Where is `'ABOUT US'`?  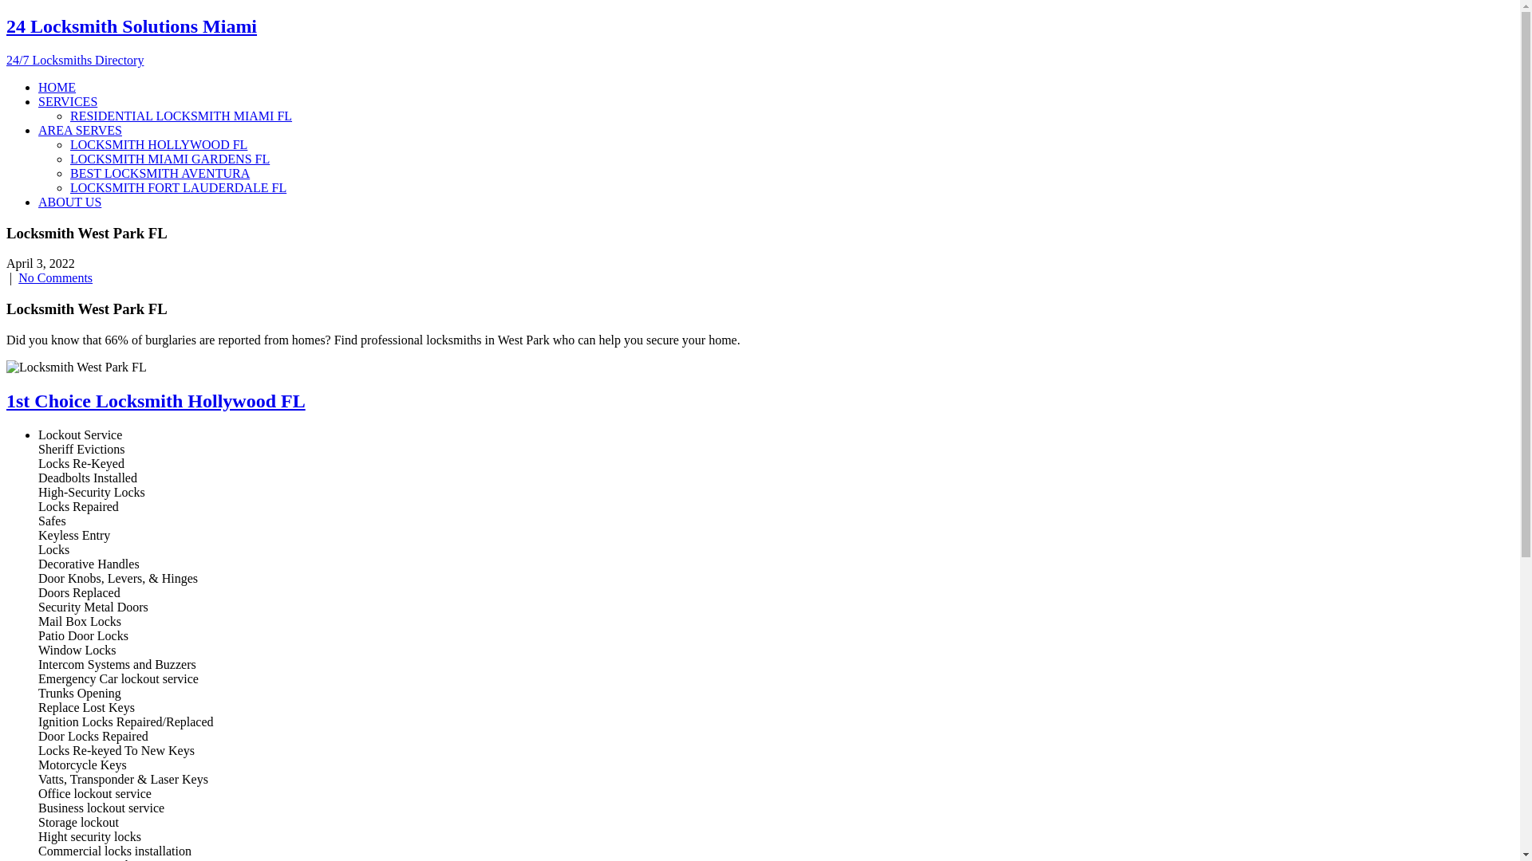 'ABOUT US' is located at coordinates (38, 201).